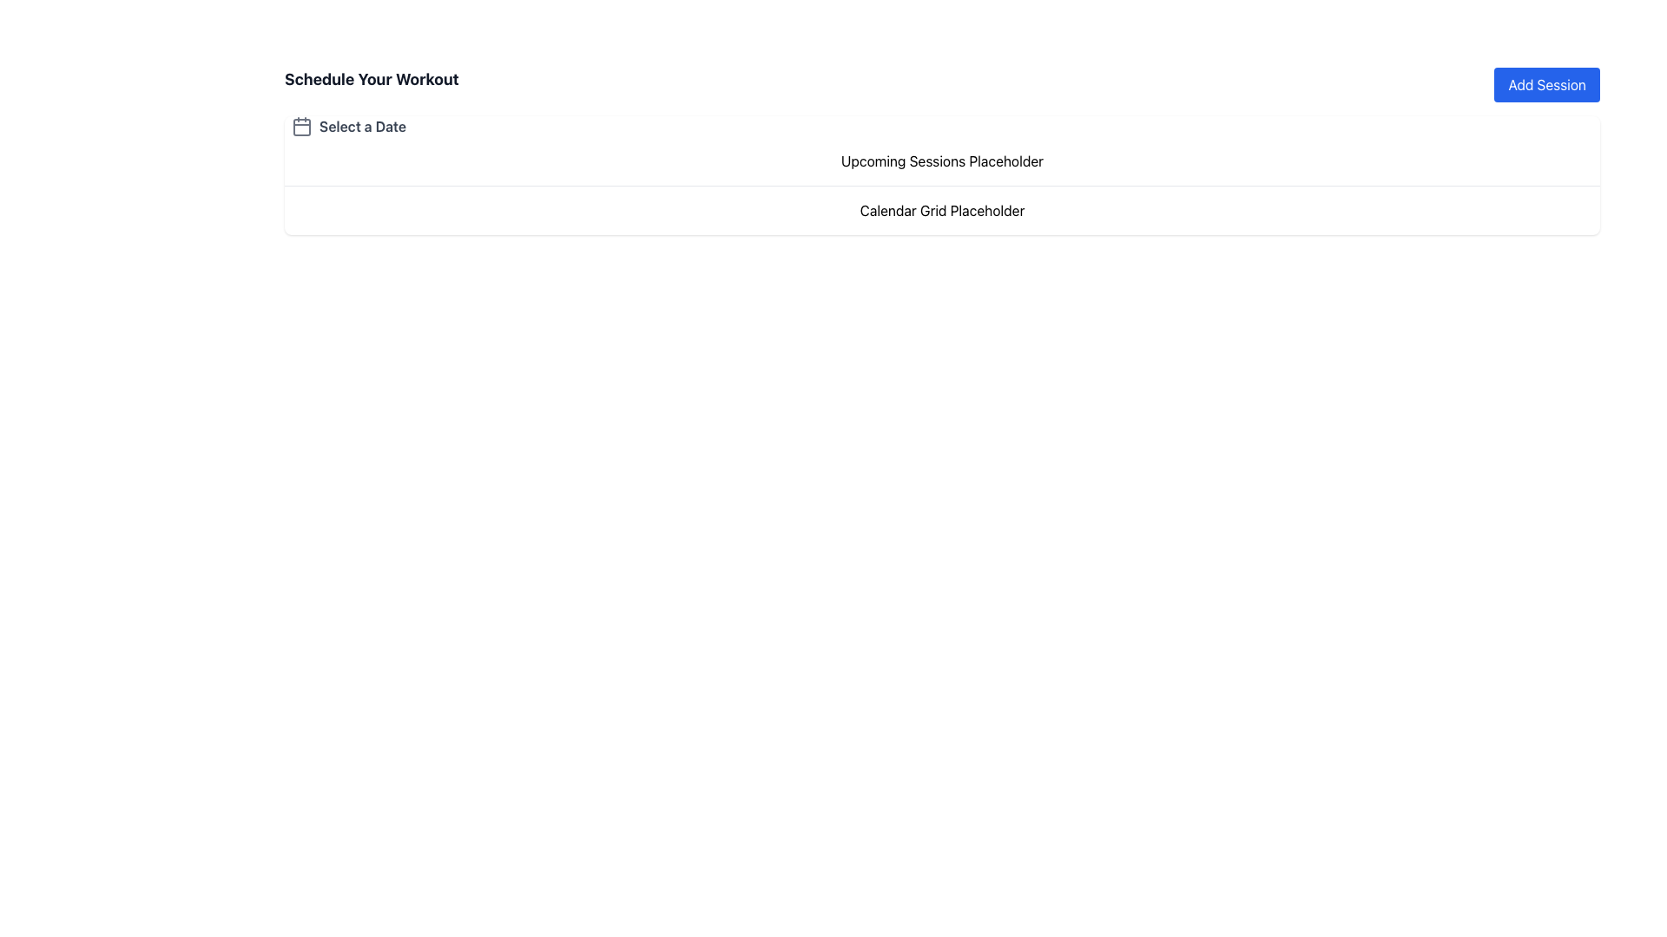 The image size is (1667, 937). I want to click on the gray calendar icon with rounded edges, located to the left of the 'Select a Date' text, so click(301, 126).